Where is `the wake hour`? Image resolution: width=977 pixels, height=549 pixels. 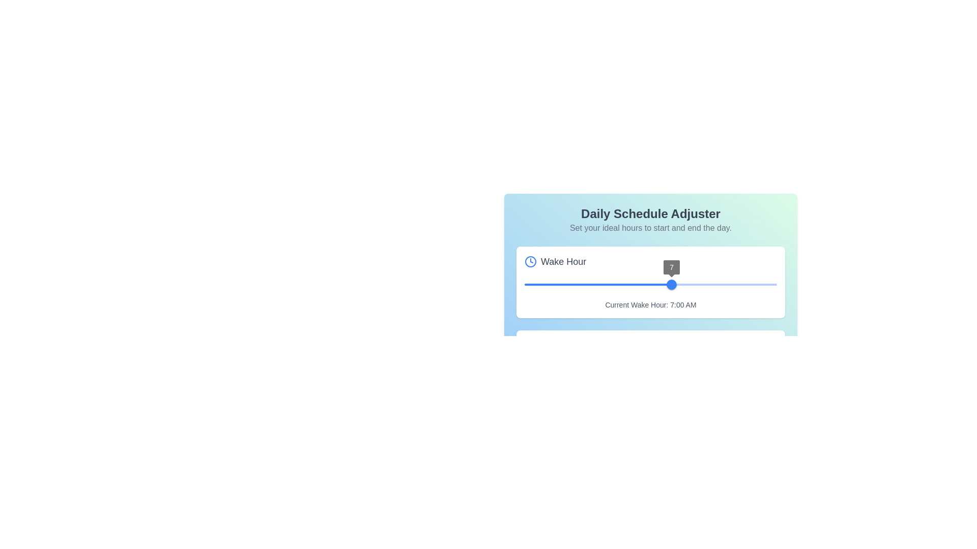
the wake hour is located at coordinates (619, 284).